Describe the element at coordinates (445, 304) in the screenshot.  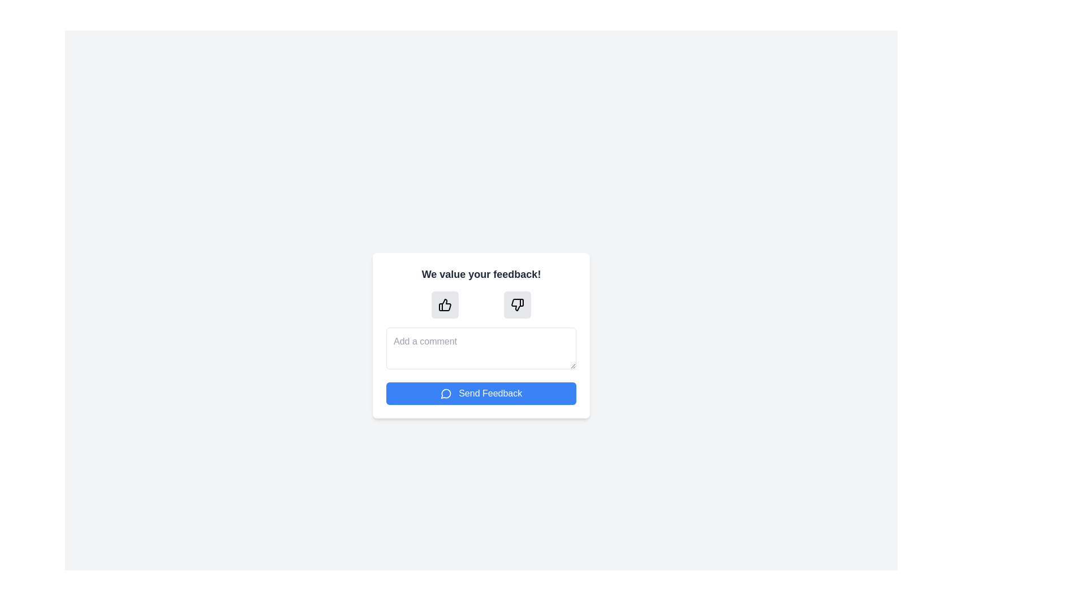
I see `the thumbs-up button located in the feedback prompt panel below the 'We value your feedback!' text` at that location.